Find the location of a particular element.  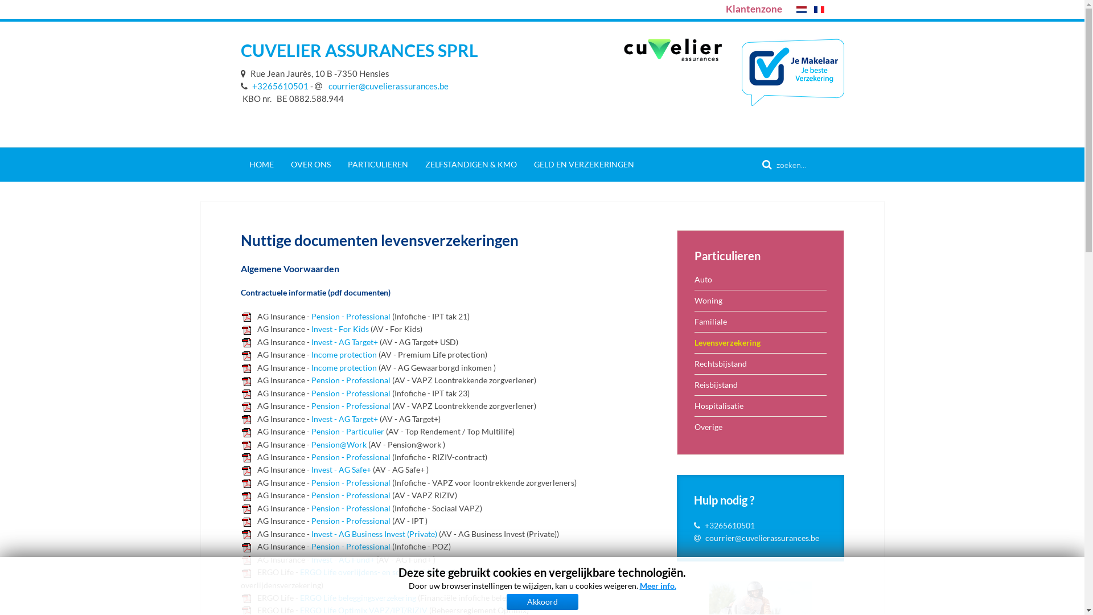

'Pension - Professional' is located at coordinates (311, 392).